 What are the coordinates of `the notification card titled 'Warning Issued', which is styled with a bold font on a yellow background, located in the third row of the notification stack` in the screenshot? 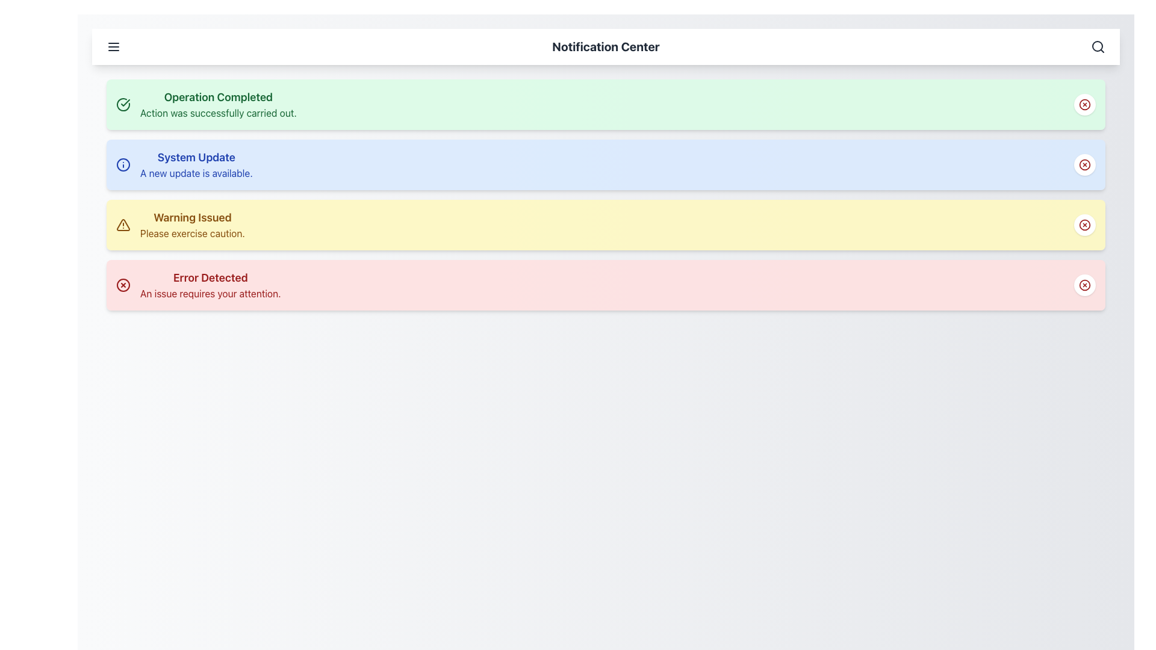 It's located at (191, 225).